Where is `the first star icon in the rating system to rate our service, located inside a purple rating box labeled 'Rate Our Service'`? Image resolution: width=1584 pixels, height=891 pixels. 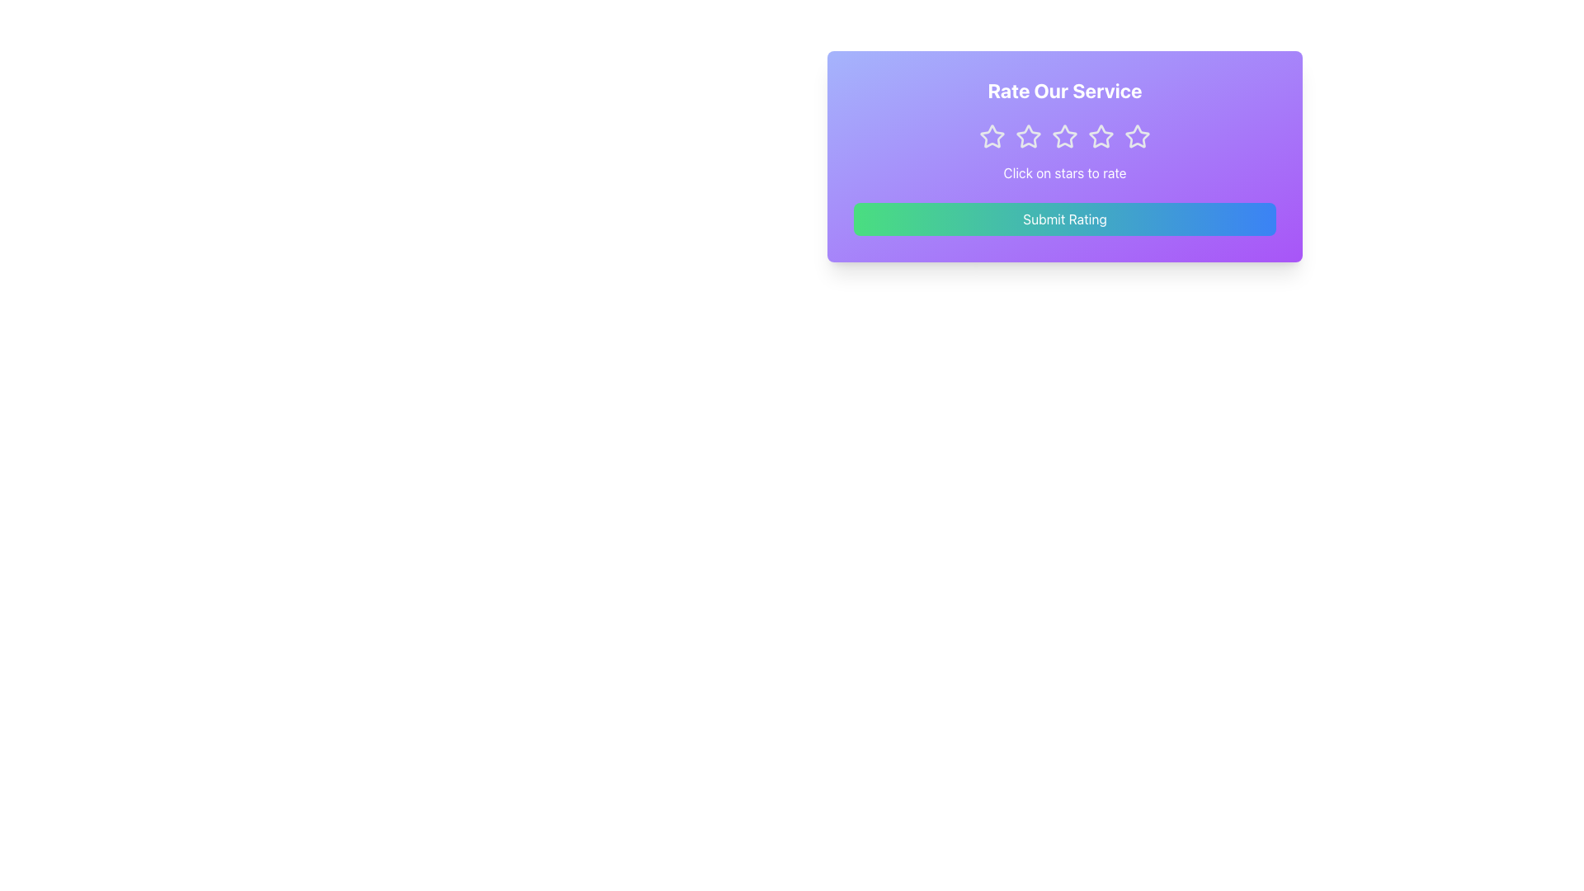 the first star icon in the rating system to rate our service, located inside a purple rating box labeled 'Rate Our Service' is located at coordinates (992, 135).